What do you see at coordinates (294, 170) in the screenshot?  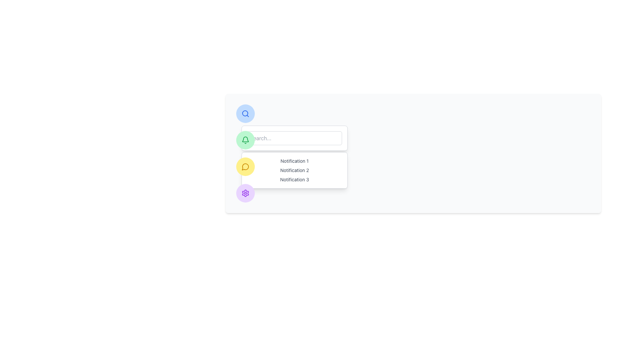 I see `the dropdown menu that displays recent notifications, located to the right of the yellow notification bell icon, centered vertically with it` at bounding box center [294, 170].